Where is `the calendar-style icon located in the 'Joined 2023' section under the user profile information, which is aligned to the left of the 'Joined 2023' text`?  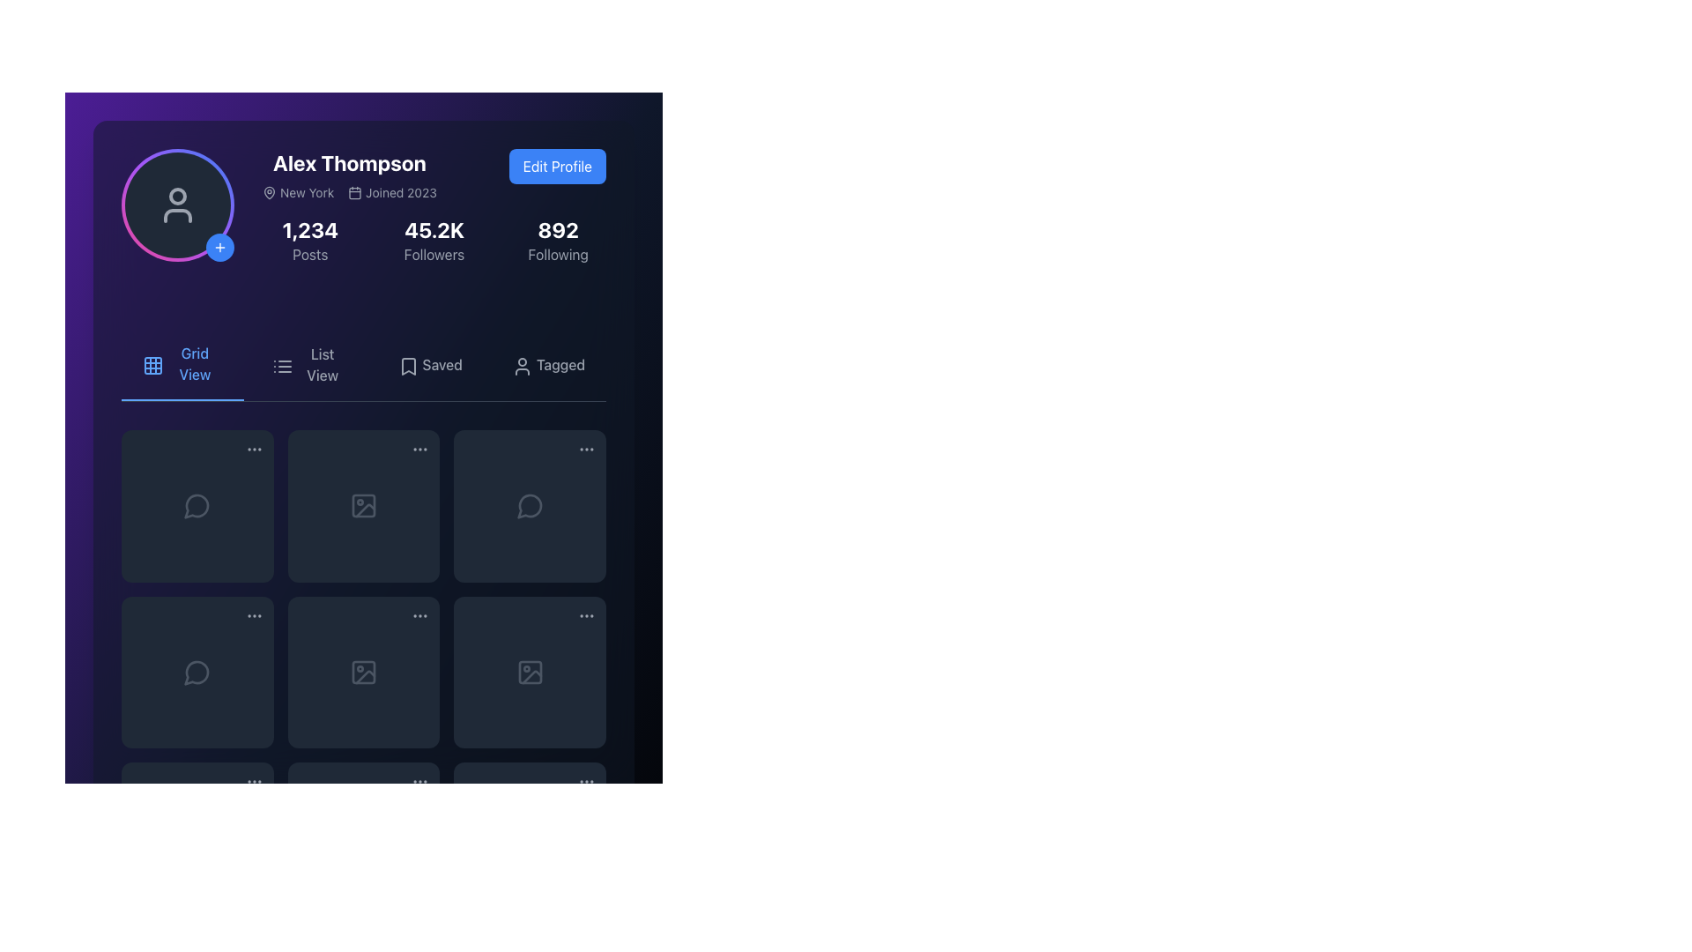 the calendar-style icon located in the 'Joined 2023' section under the user profile information, which is aligned to the left of the 'Joined 2023' text is located at coordinates (354, 193).